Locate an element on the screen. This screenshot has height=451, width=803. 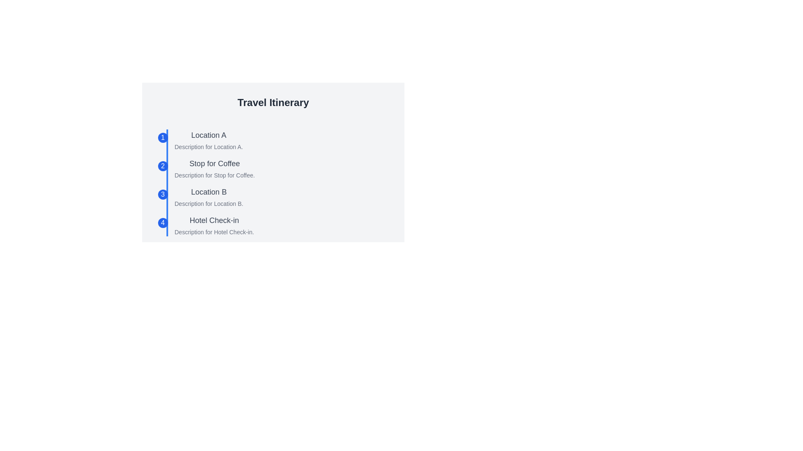
text displayed in the Text Display for 'Stop for Coffee', which is located in the vertical timeline under 'Travel Itinerary', second in the list is located at coordinates (215, 169).